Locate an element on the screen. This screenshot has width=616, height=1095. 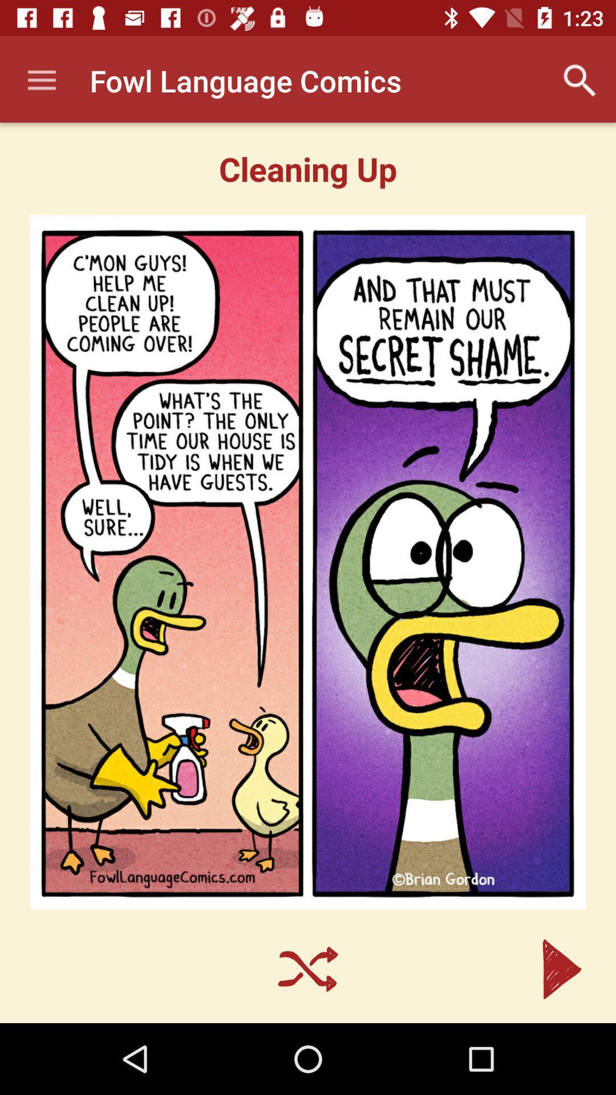
item at the top right corner is located at coordinates (580, 80).